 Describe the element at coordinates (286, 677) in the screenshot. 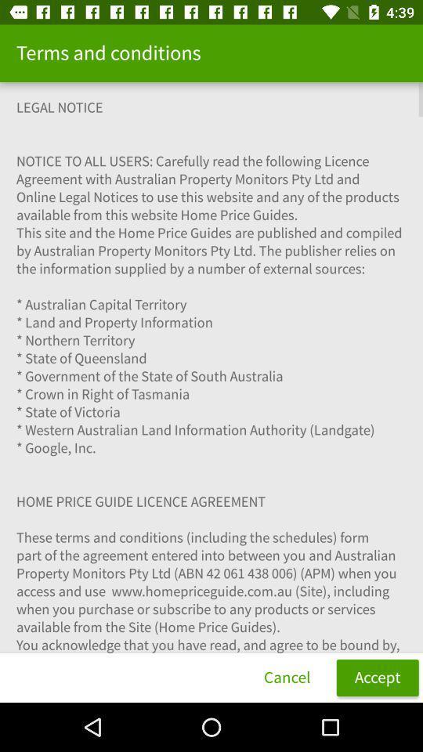

I see `the icon below the legal notice  item` at that location.